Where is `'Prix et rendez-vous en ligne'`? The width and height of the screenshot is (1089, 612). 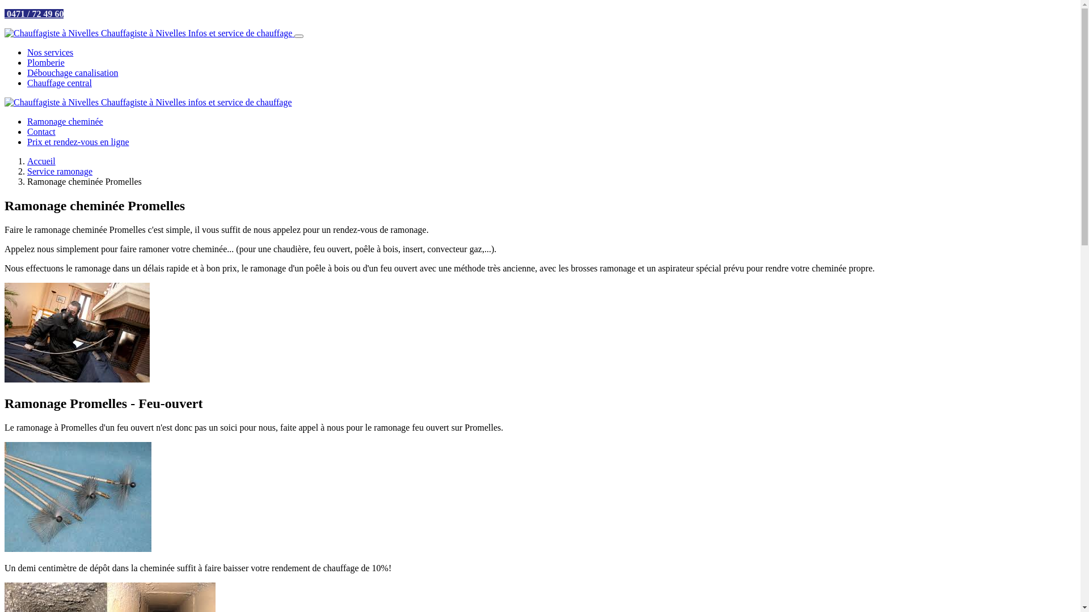
'Prix et rendez-vous en ligne' is located at coordinates (27, 141).